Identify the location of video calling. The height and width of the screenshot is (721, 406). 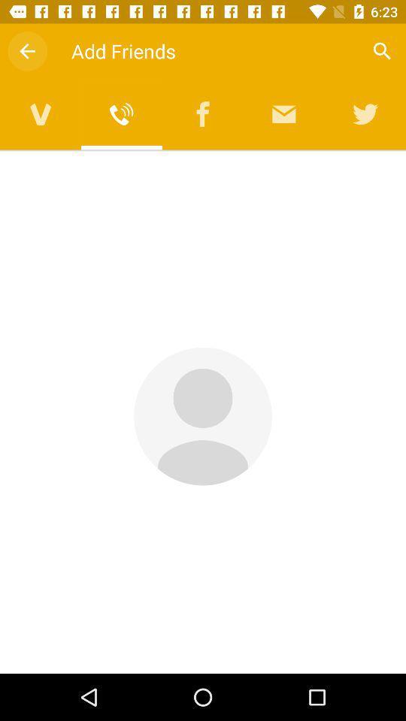
(41, 113).